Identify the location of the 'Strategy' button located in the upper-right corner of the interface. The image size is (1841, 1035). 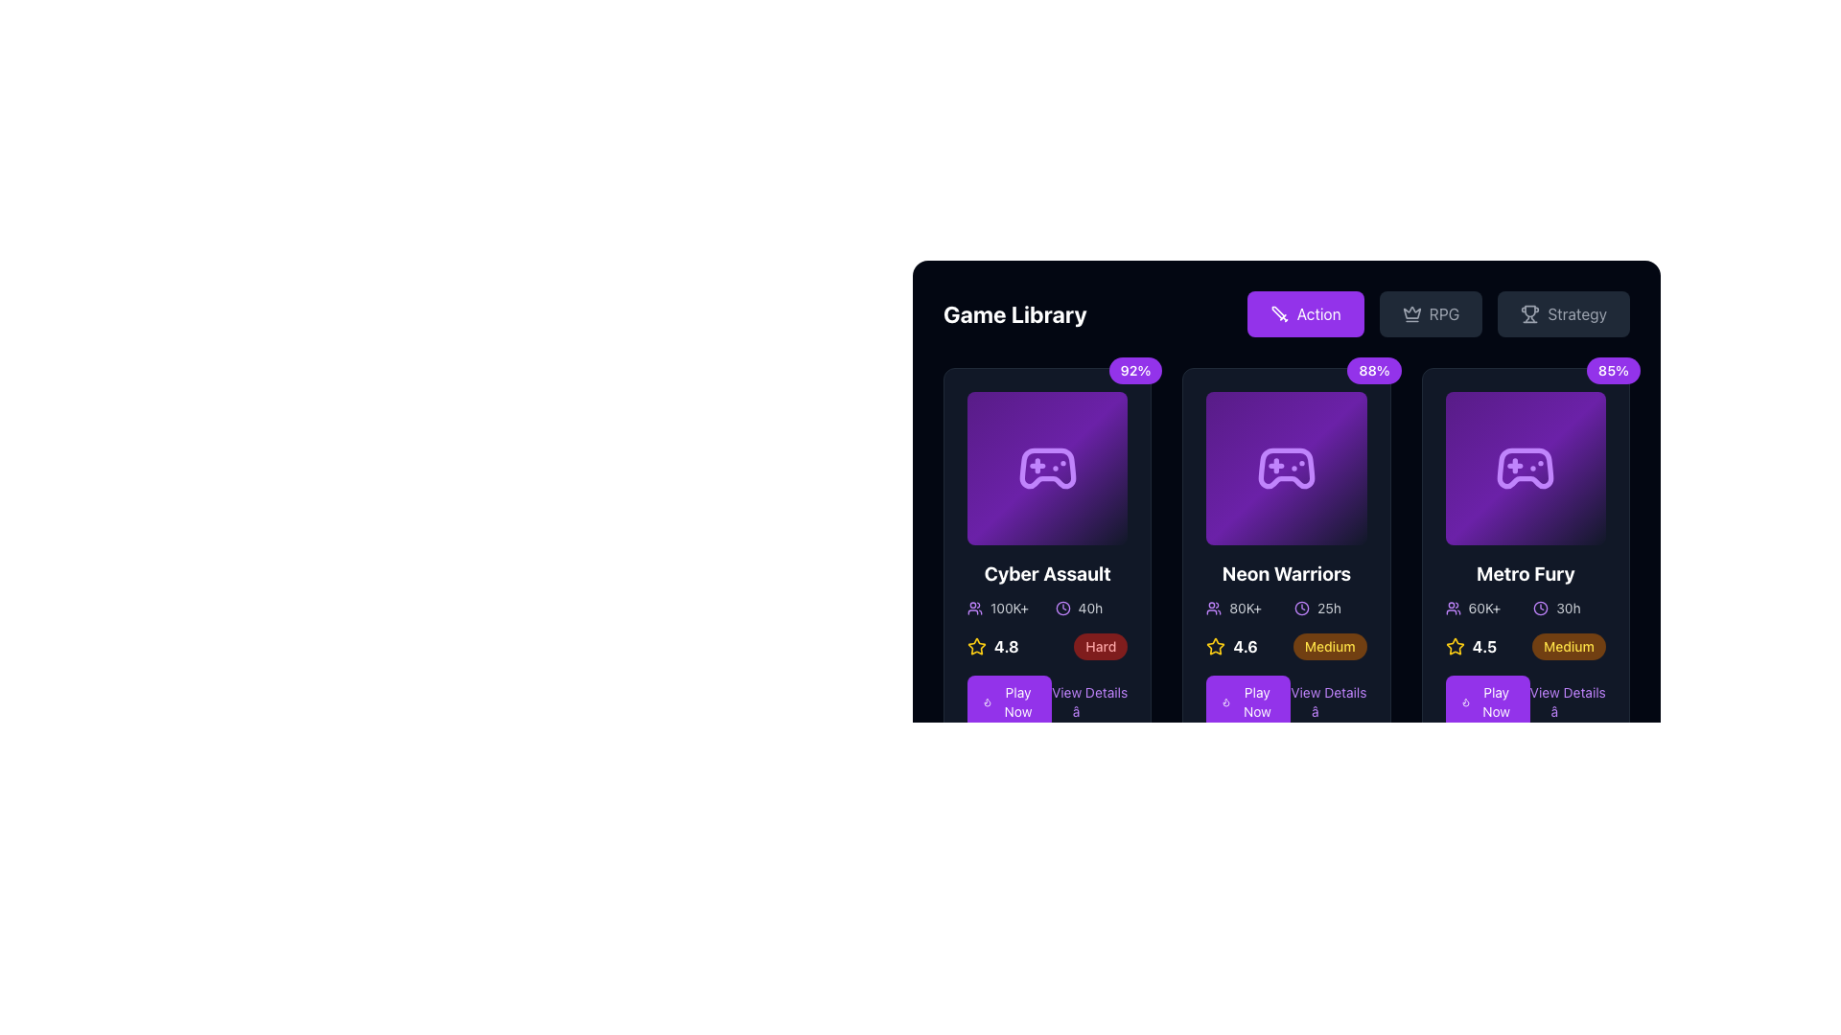
(1564, 312).